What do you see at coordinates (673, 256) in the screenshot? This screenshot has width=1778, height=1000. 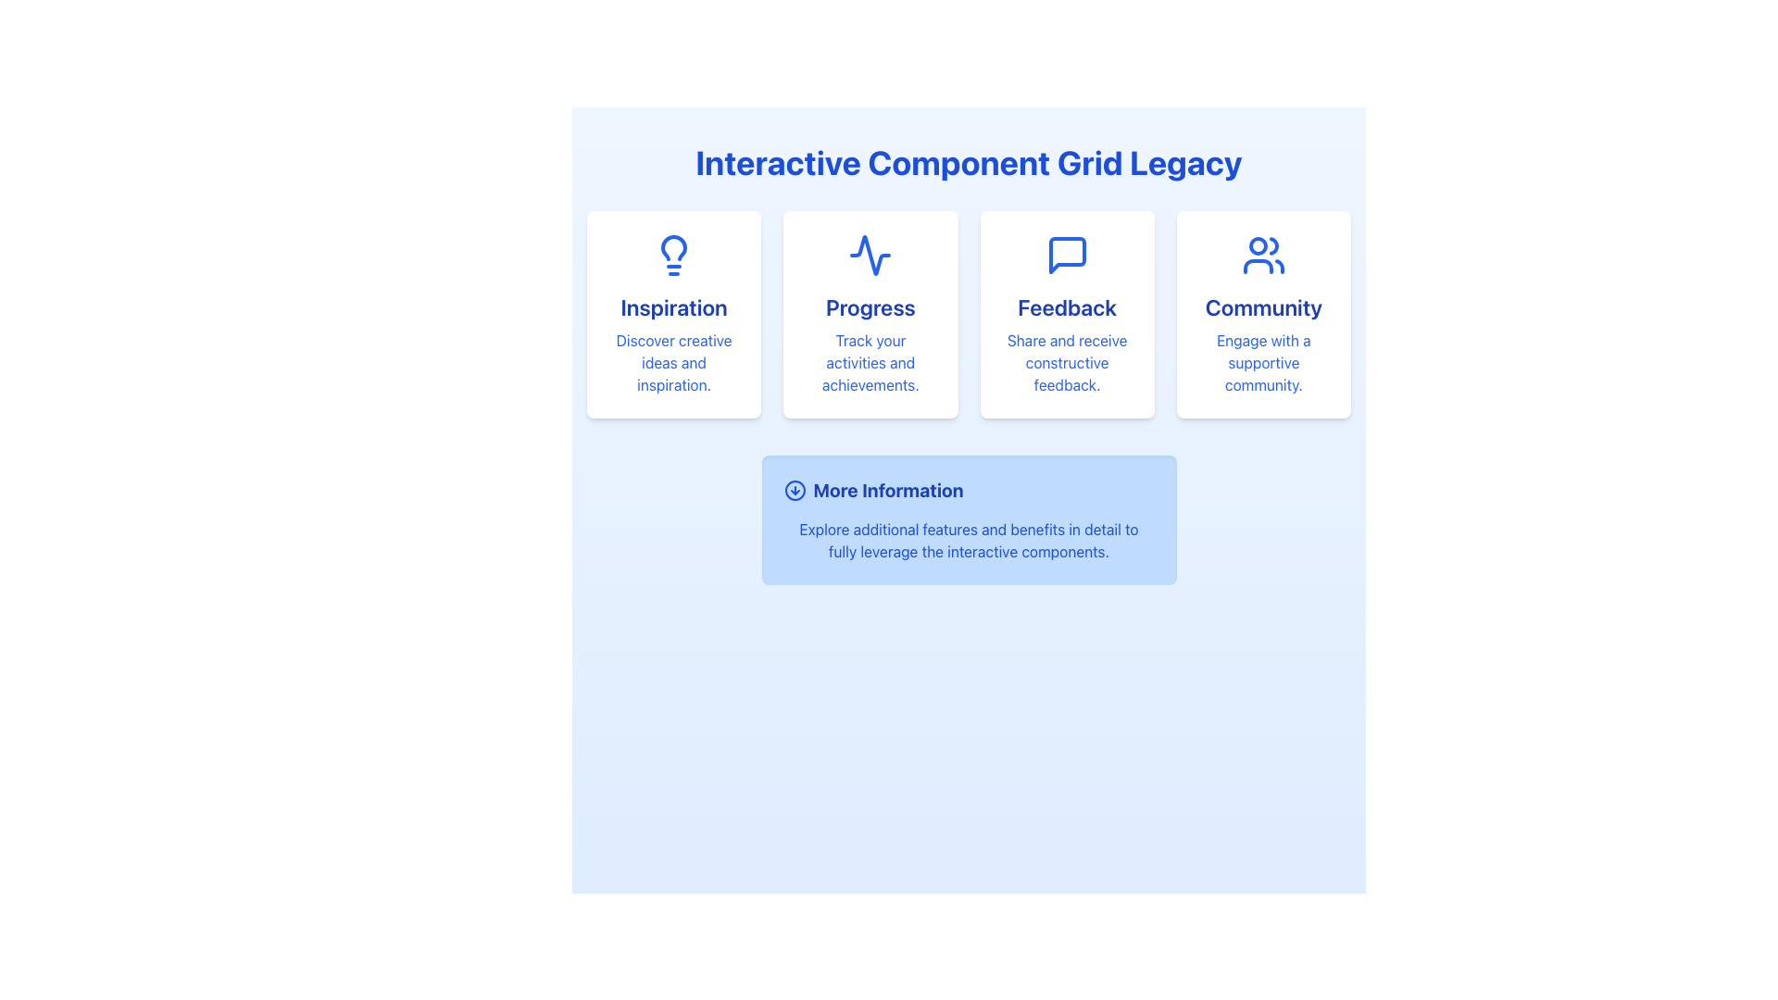 I see `the blue lightbulb SVG icon located in the 'Inspiration' card, which is part of a grid of four cards at the top of the interface` at bounding box center [673, 256].